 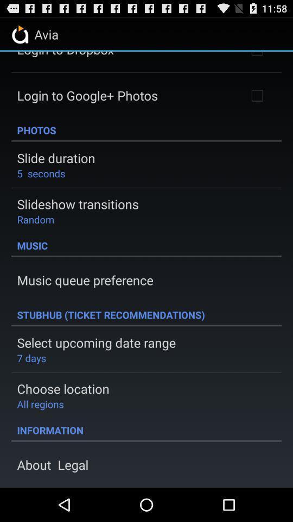 I want to click on the icon above all regions icon, so click(x=63, y=388).